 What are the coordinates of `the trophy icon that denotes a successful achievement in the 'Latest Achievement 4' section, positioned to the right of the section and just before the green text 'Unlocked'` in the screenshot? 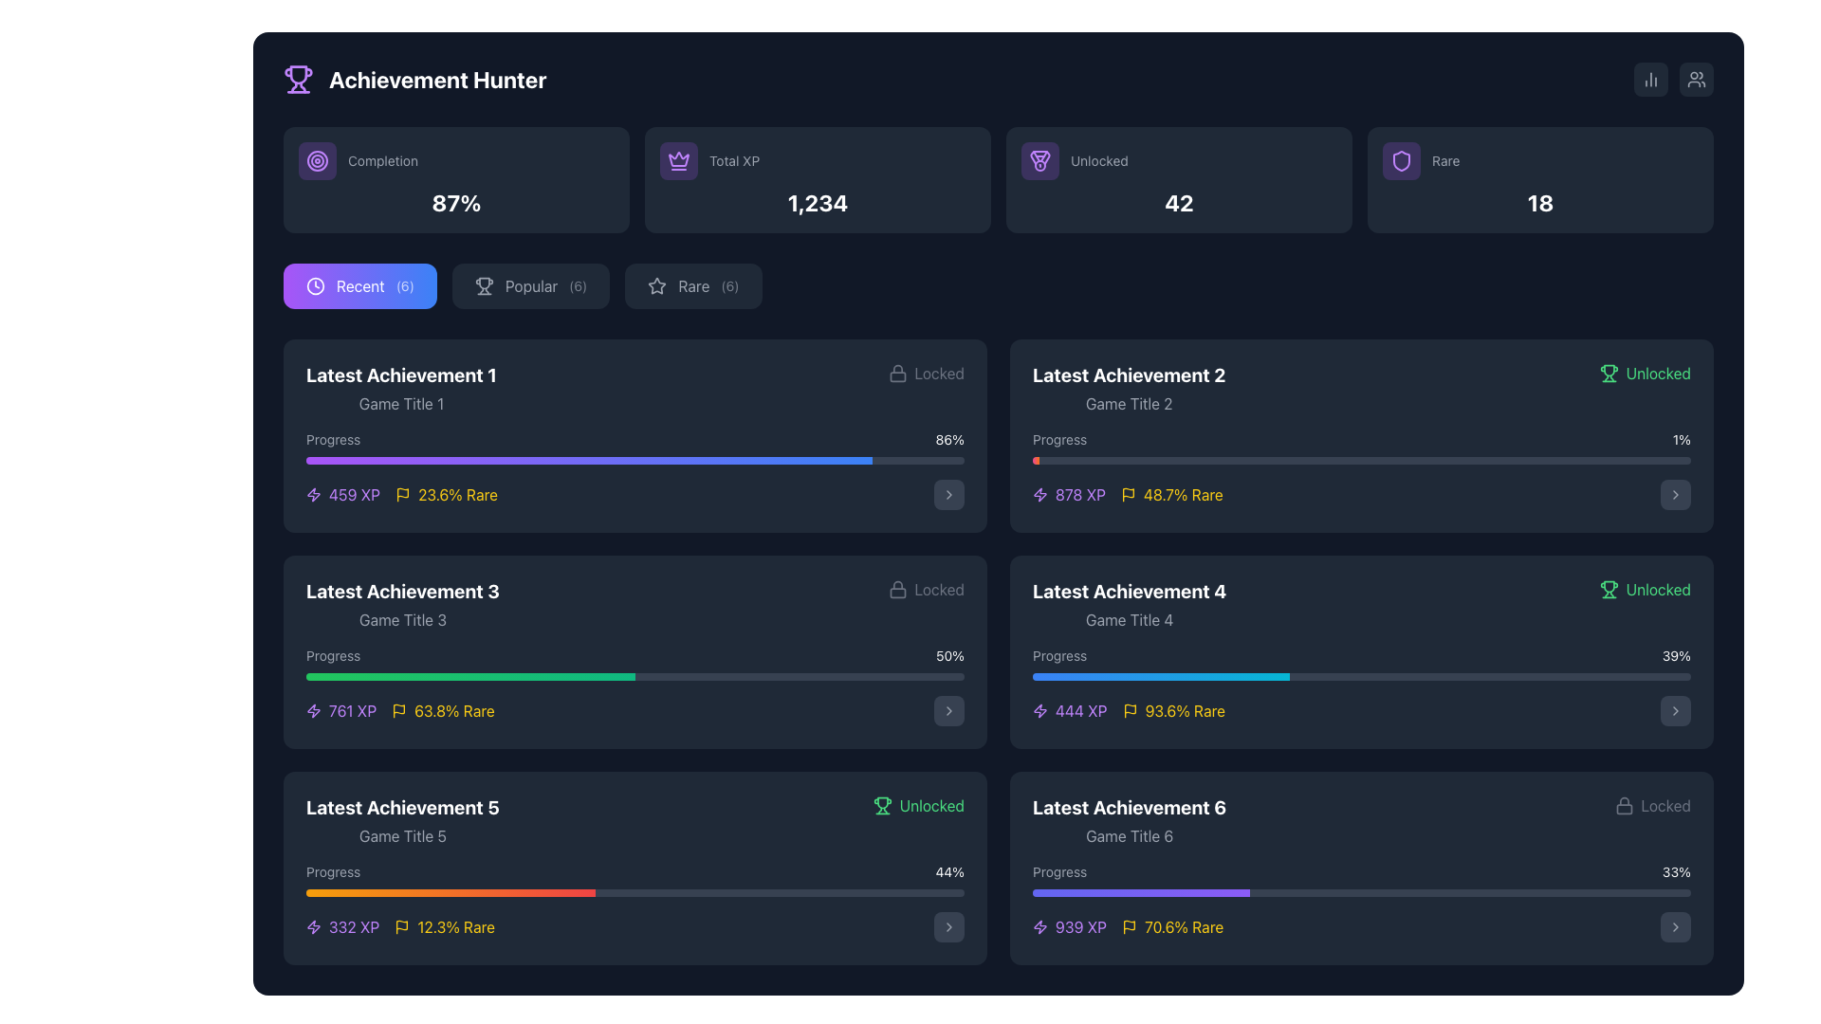 It's located at (881, 805).